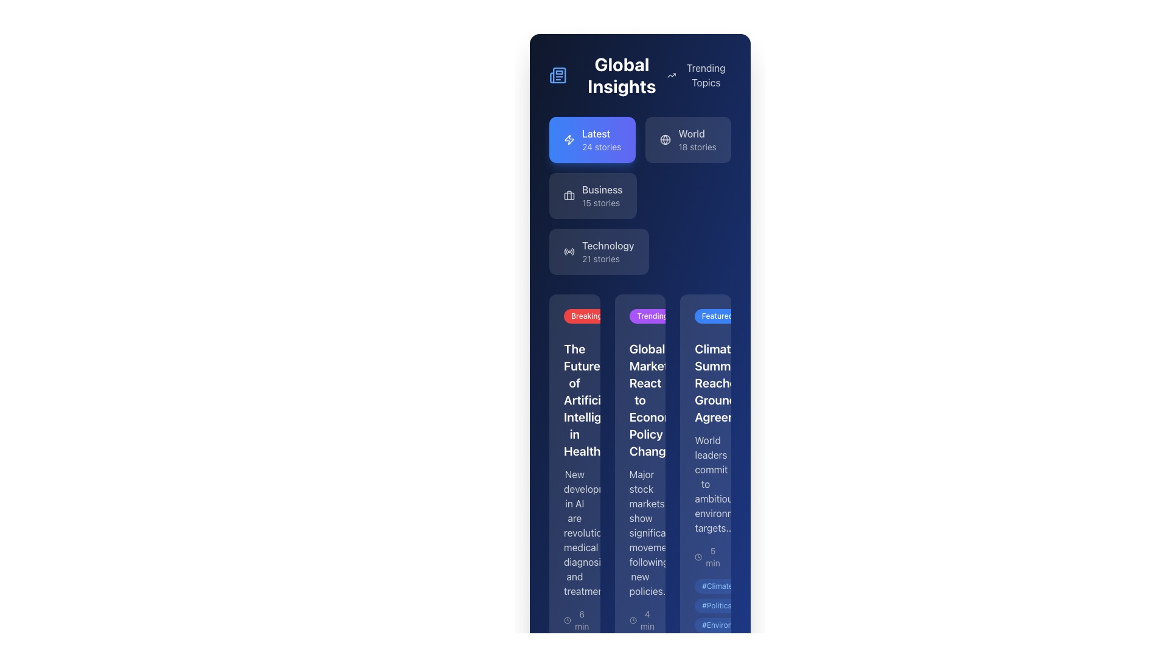 This screenshot has width=1168, height=657. What do you see at coordinates (639, 75) in the screenshot?
I see `the 'Global Insights' text in the header element, which features a newspaper icon on its left` at bounding box center [639, 75].